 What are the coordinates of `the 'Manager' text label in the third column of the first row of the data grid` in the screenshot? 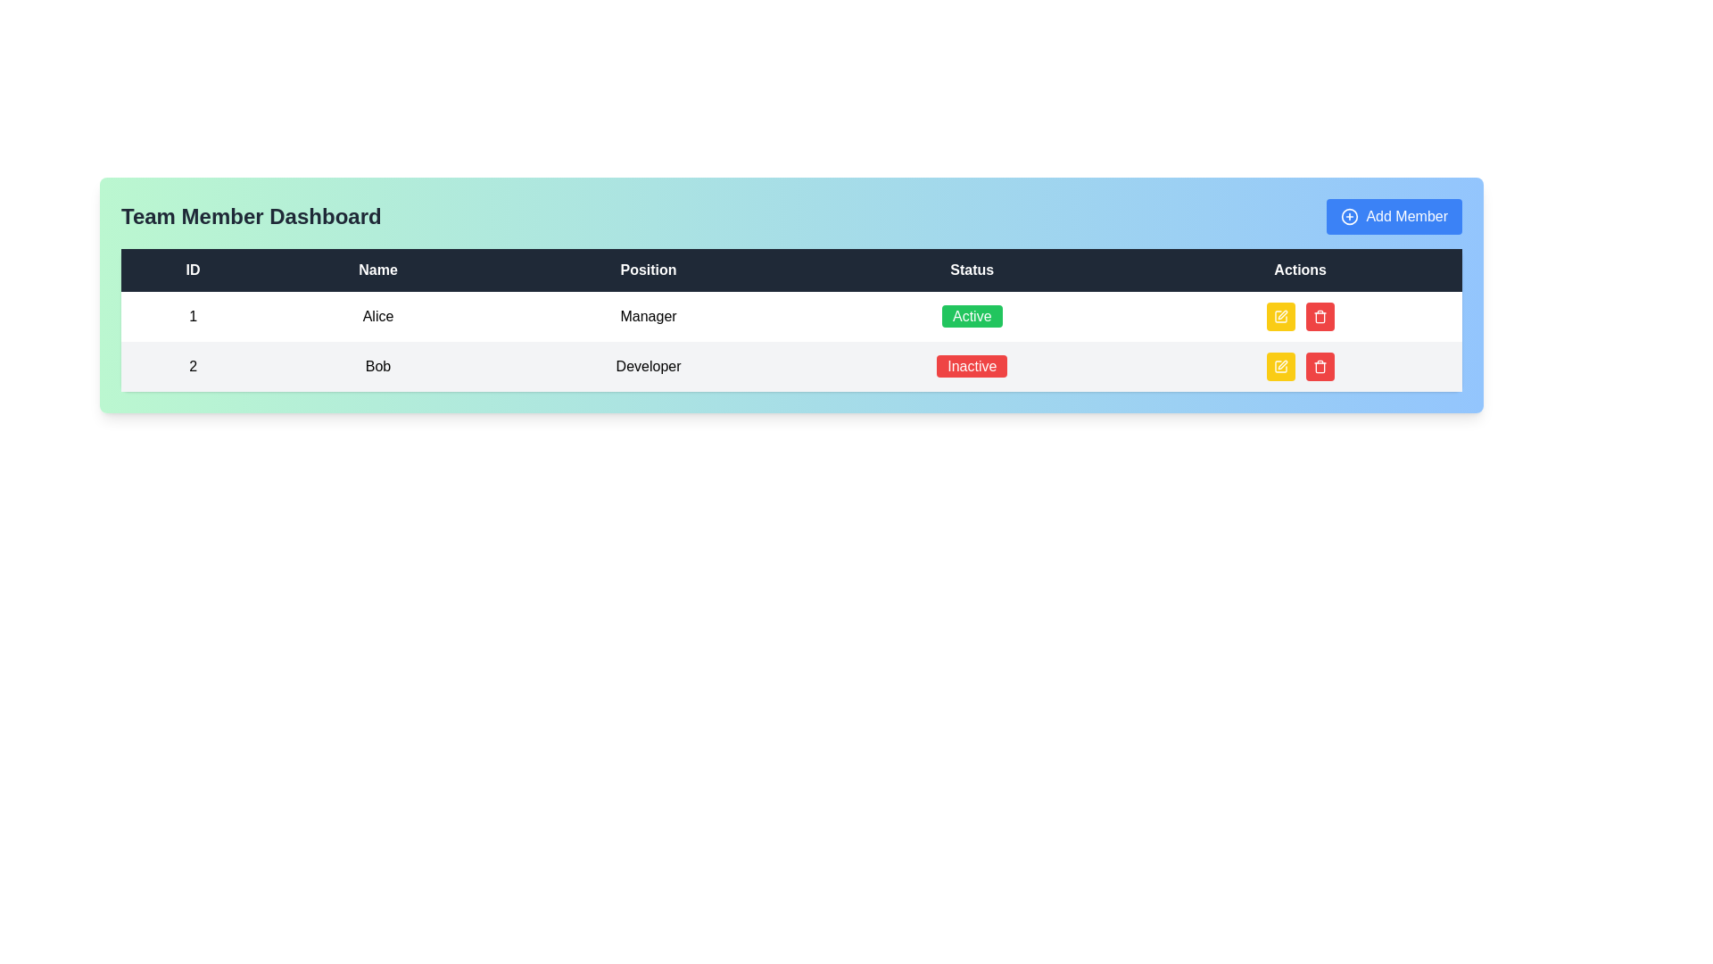 It's located at (648, 315).